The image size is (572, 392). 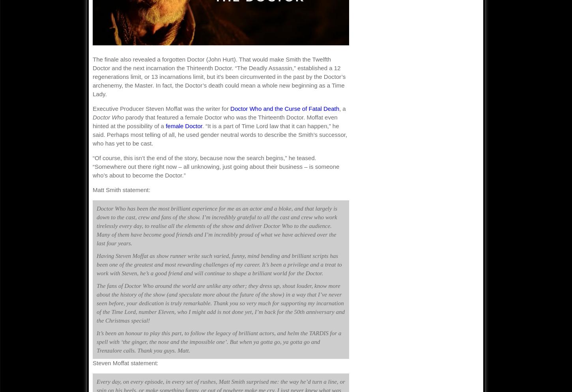 What do you see at coordinates (220, 302) in the screenshot?
I see `'The fans of Doctor Who around the world are unlike any other; they dress up, shout louder, know more about the history of the show (and speculate more about the future of the show) in a way that I’ve never seen before, your dedication is truly remarkable. Thank you so very much for supporting my incarnation of the Time Lord, number Eleven, who I might add is not done yet, I’m back for the 50th anniversary and the Christmas special!'` at bounding box center [220, 302].